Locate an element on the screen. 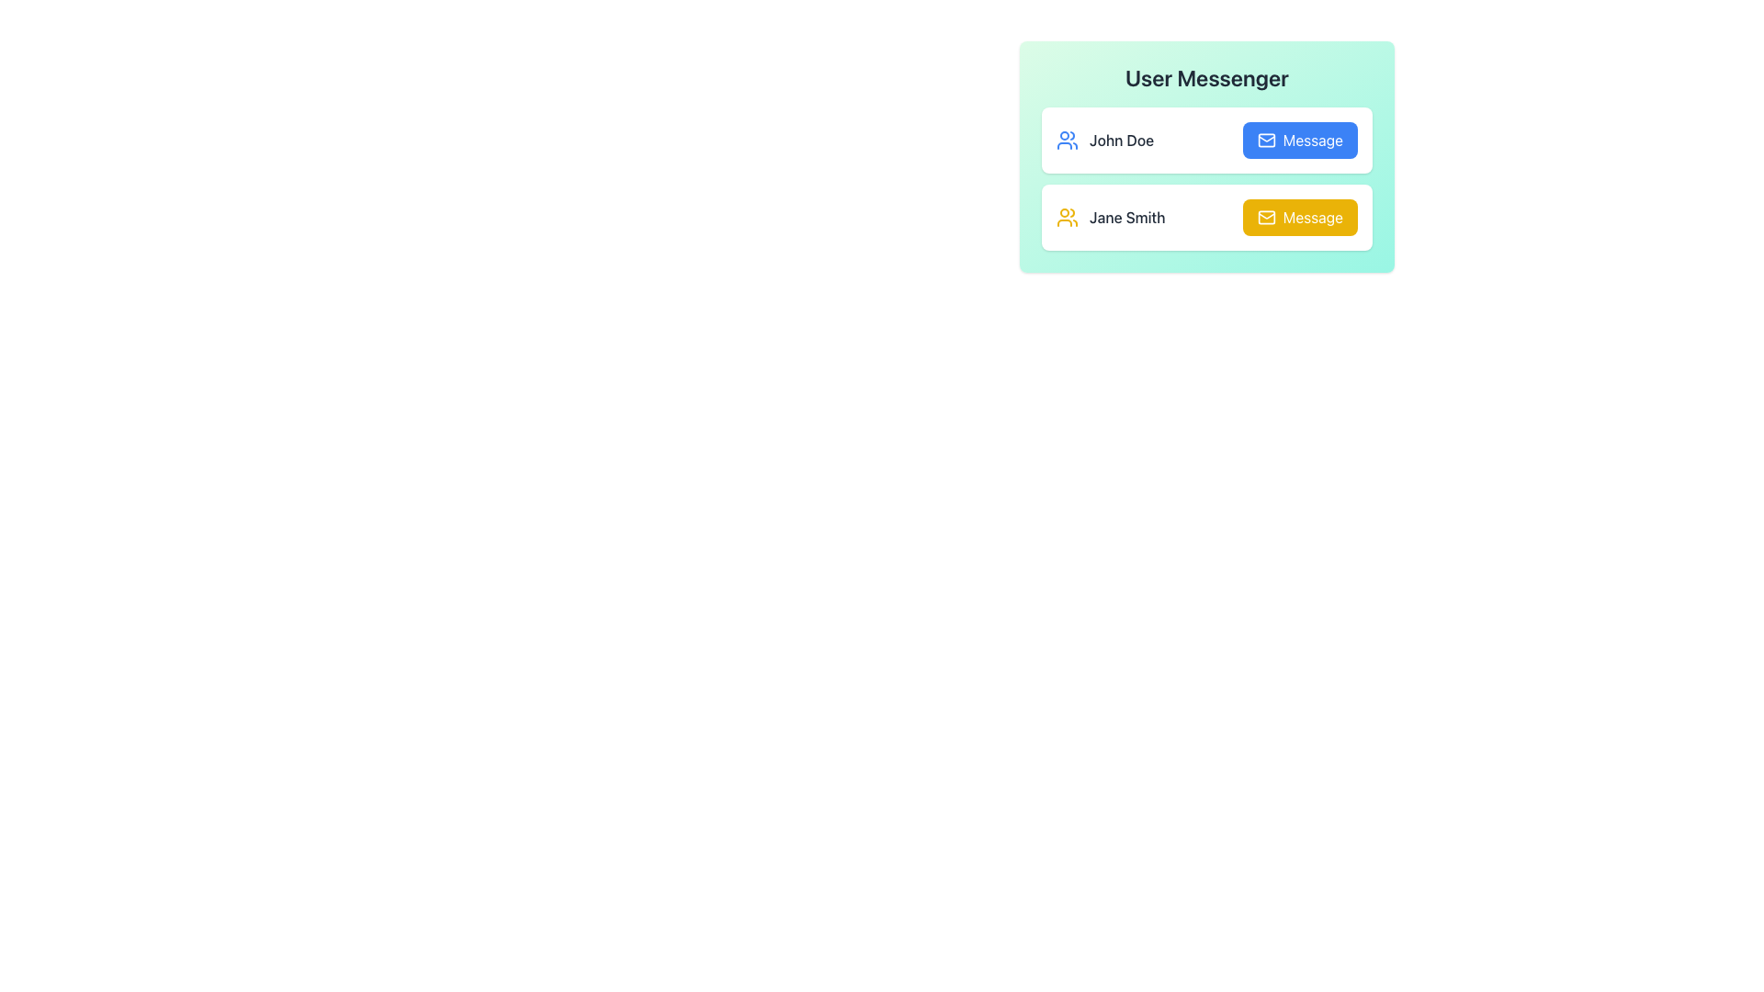 The width and height of the screenshot is (1764, 992). the messaging icon located to the left of the 'Message' text within the yellow 'Message' button aligned with 'Jane Smith' to interact with the button behind it is located at coordinates (1265, 216).